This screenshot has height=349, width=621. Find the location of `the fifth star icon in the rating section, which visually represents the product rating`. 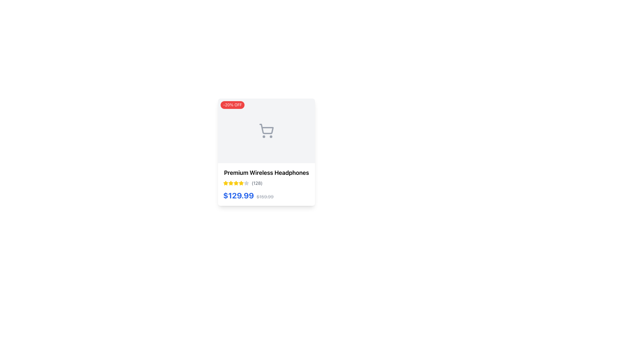

the fifth star icon in the rating section, which visually represents the product rating is located at coordinates (235, 183).